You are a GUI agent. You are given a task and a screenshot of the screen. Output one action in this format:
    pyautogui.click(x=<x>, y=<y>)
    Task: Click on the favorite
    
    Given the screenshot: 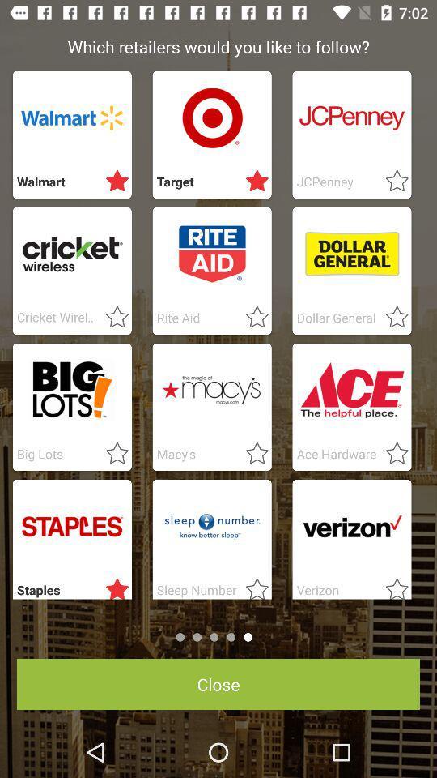 What is the action you would take?
    pyautogui.click(x=112, y=454)
    